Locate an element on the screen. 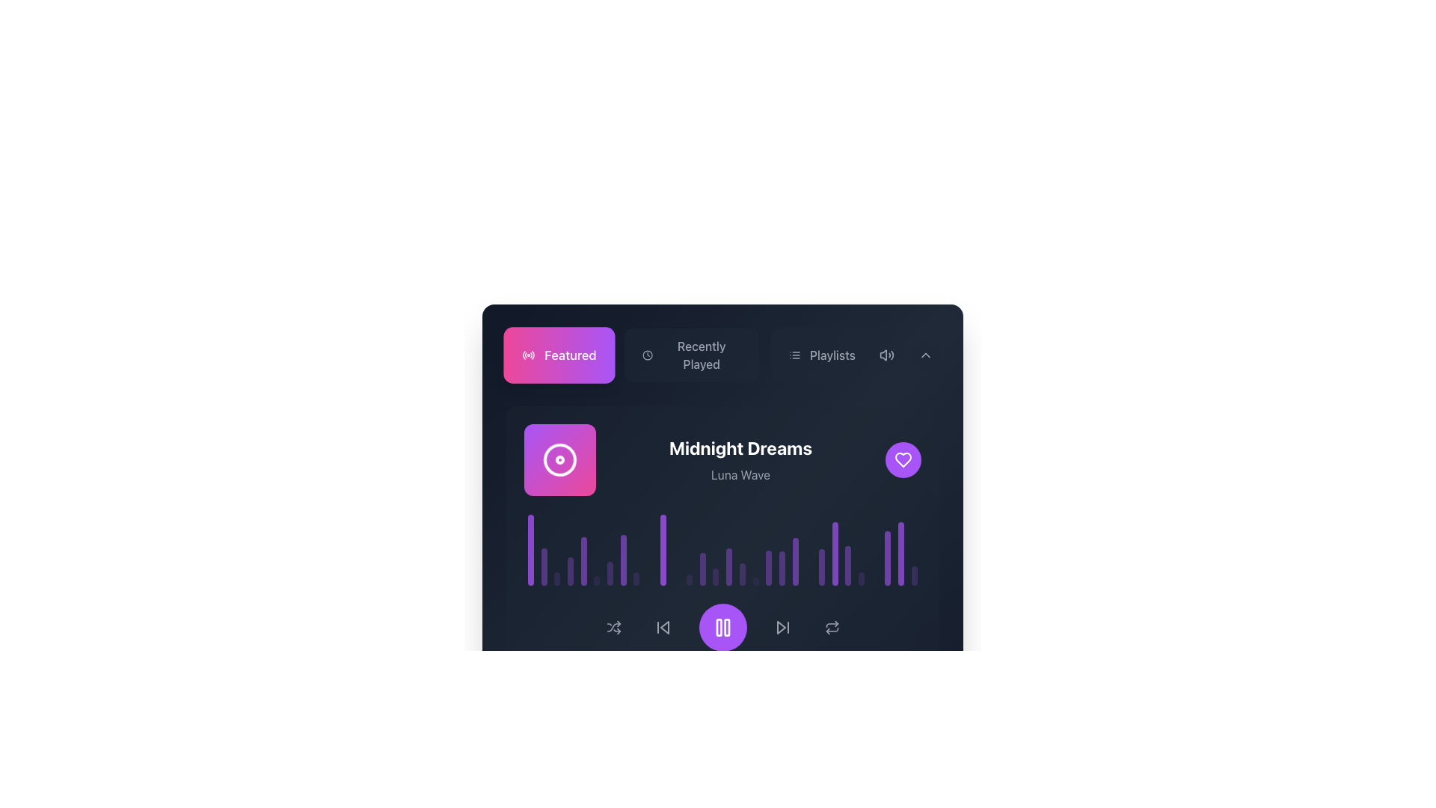 The height and width of the screenshot is (808, 1436). the favorite button located to the right of the 'Midnight Dreams' text to observe the hover effect is located at coordinates (903, 459).